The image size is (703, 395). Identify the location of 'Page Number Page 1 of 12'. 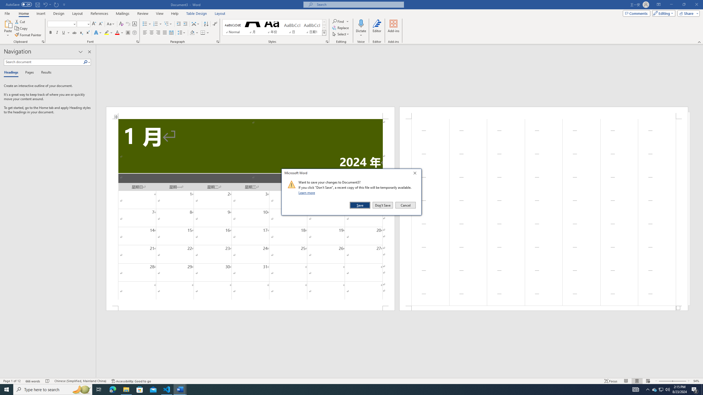
(12, 381).